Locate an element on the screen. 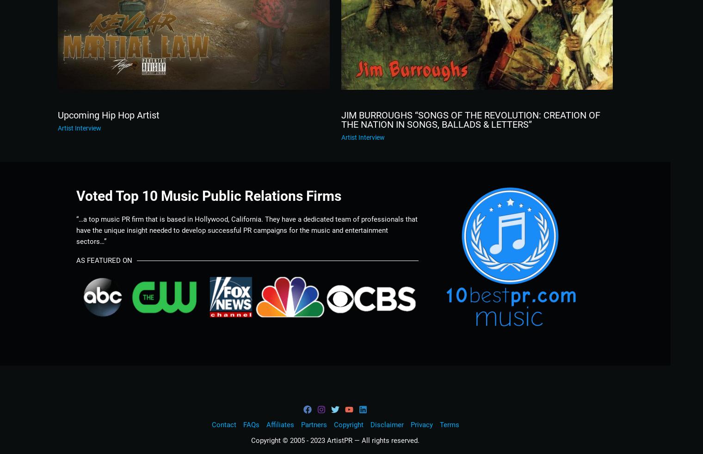 This screenshot has height=454, width=703. 'AS FEATURED ON' is located at coordinates (104, 260).